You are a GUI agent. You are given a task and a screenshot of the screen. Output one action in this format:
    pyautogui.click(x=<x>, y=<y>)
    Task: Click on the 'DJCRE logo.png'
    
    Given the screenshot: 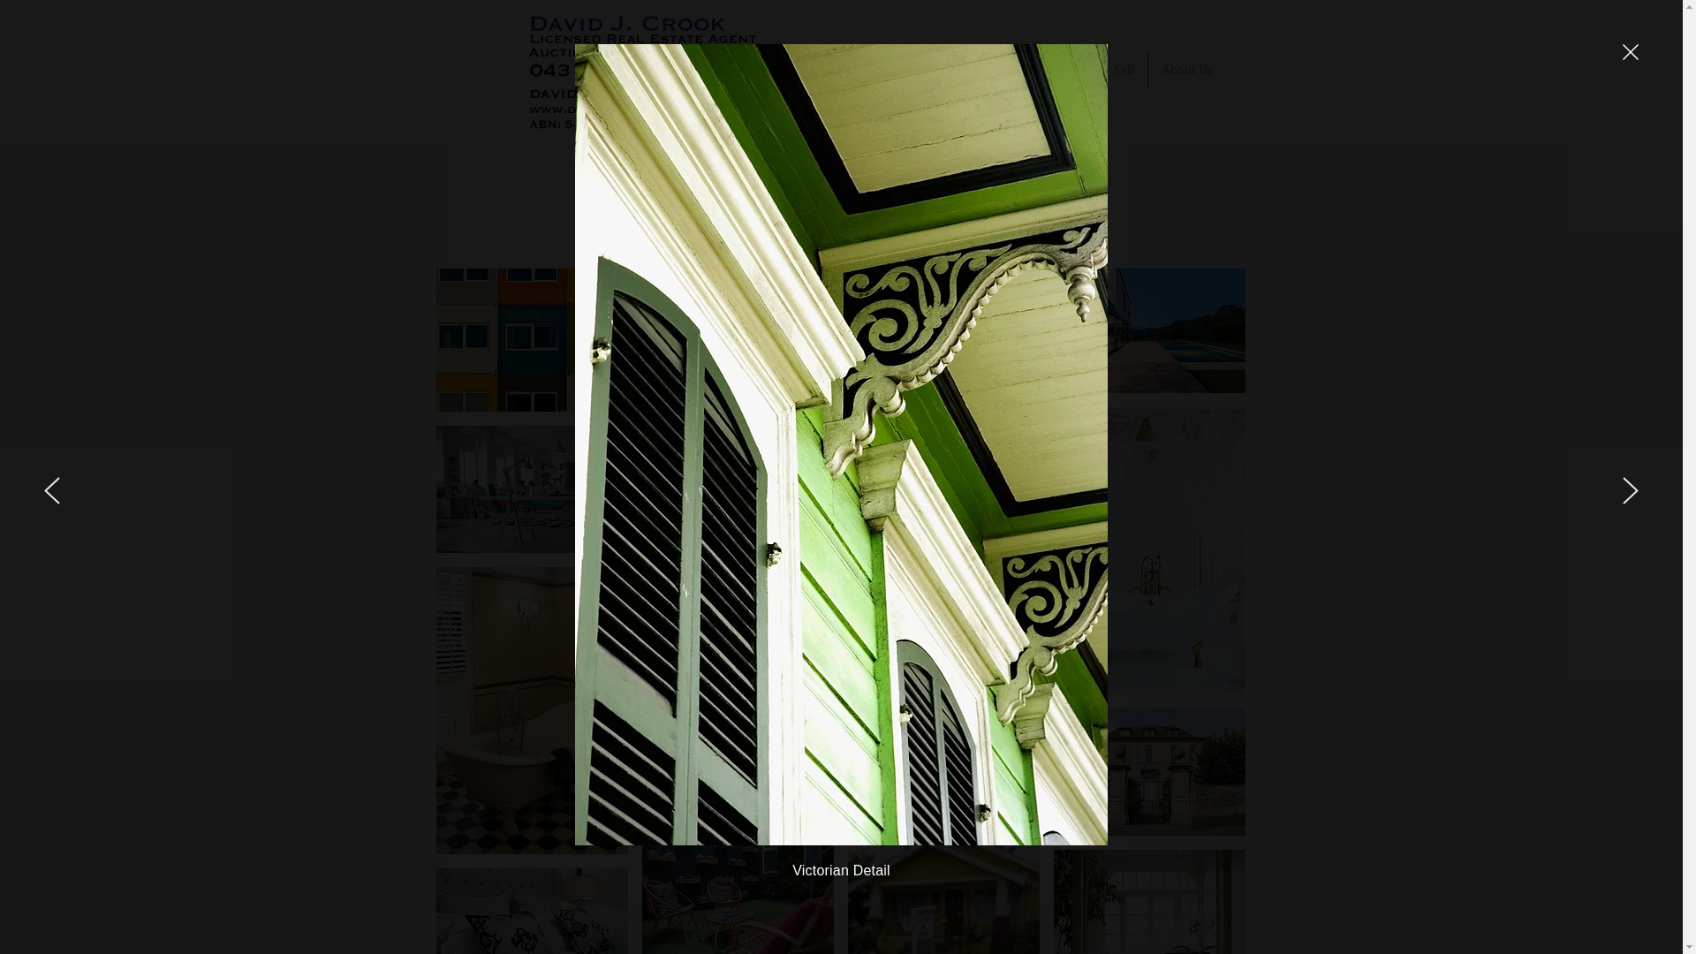 What is the action you would take?
    pyautogui.click(x=680, y=67)
    